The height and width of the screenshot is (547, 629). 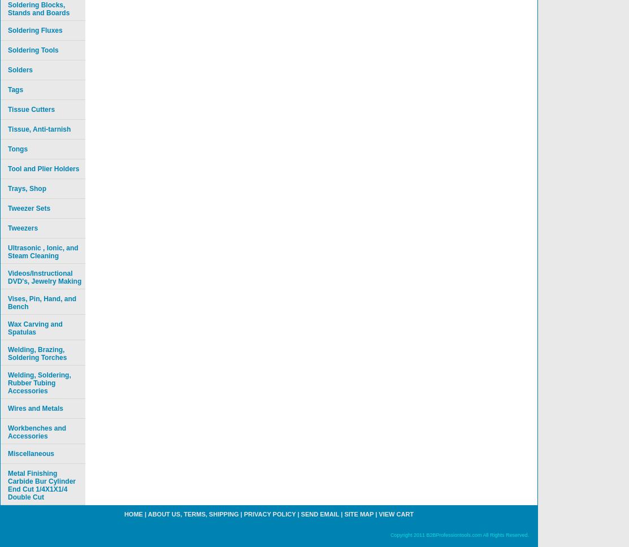 What do you see at coordinates (389, 534) in the screenshot?
I see `'Copyright 2011 B2BProfessiontools.com All Rights Reserved.'` at bounding box center [389, 534].